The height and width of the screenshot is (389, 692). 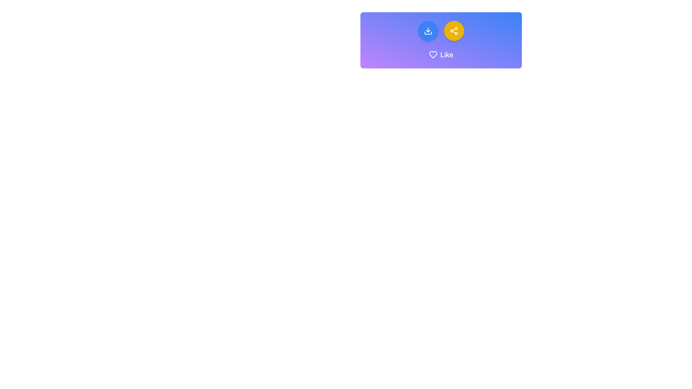 What do you see at coordinates (432, 54) in the screenshot?
I see `the heart-shaped icon representing the 'like' feature, located below two circular buttons and above the 'Like' text` at bounding box center [432, 54].